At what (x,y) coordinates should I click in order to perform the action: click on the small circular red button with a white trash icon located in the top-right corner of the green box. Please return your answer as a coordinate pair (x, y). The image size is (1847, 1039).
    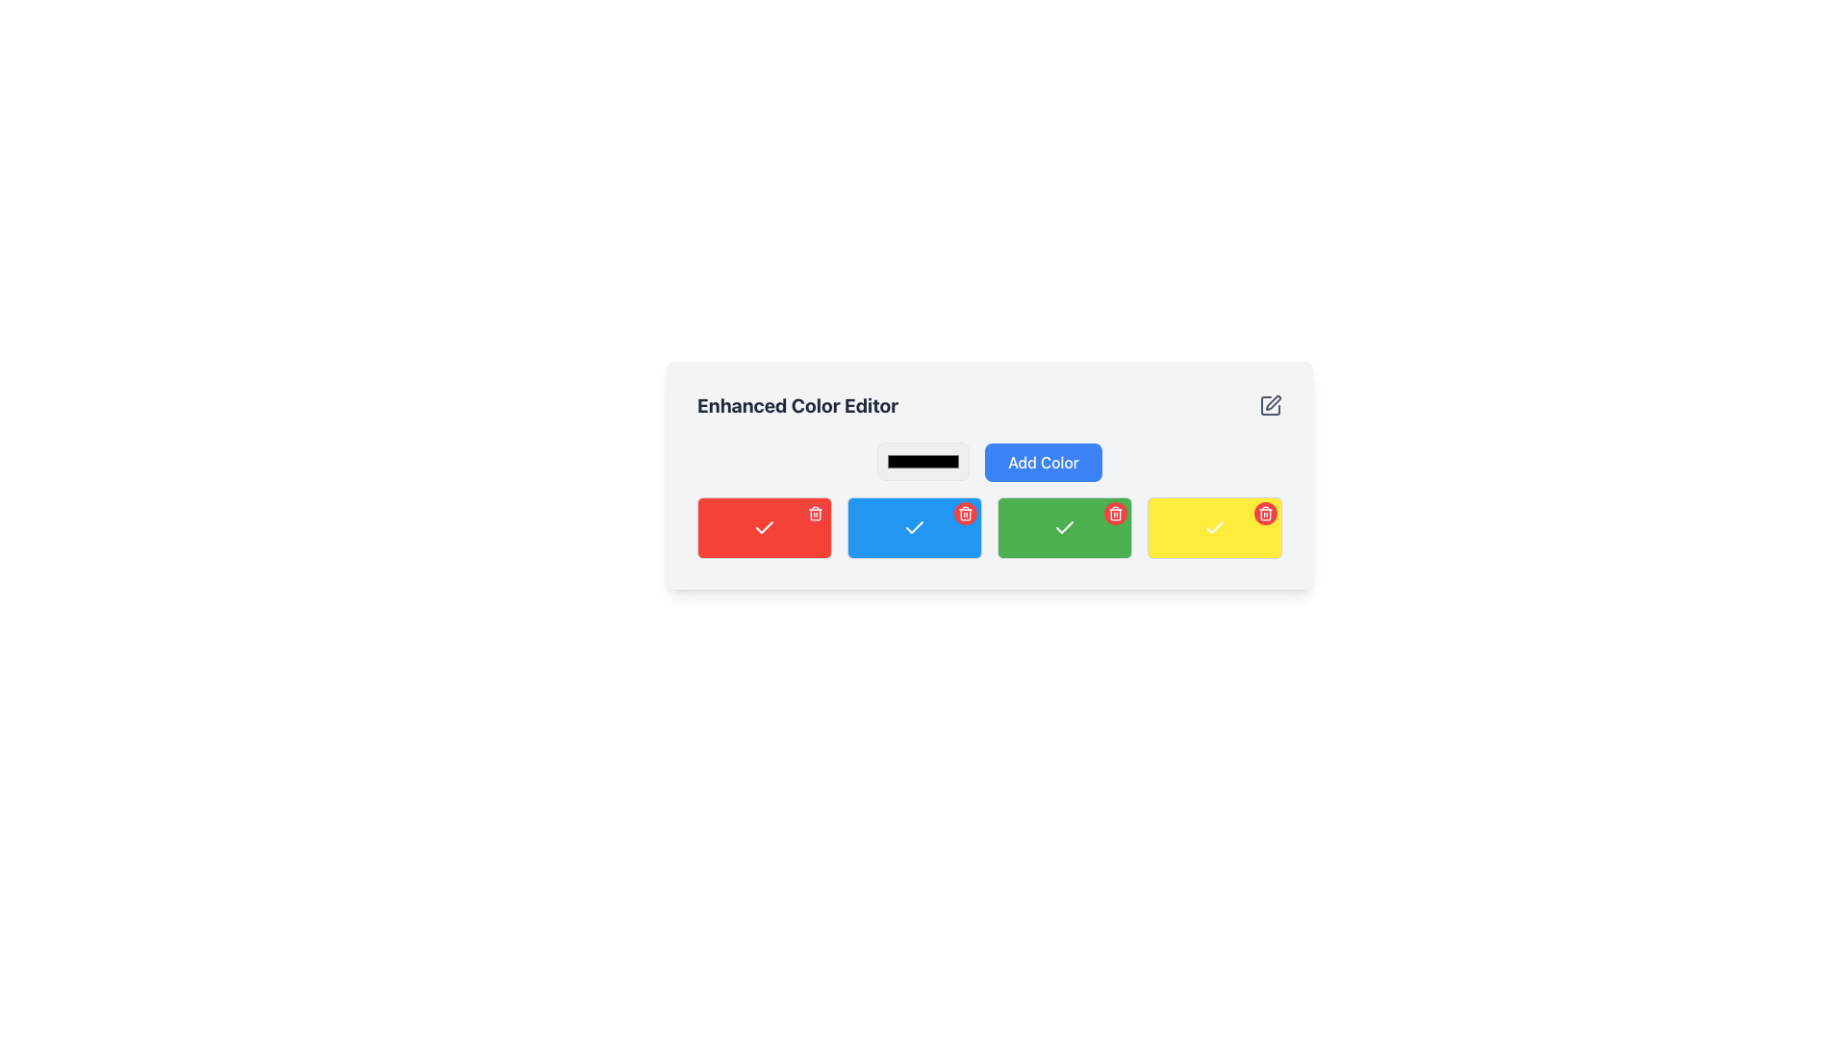
    Looking at the image, I should click on (1116, 512).